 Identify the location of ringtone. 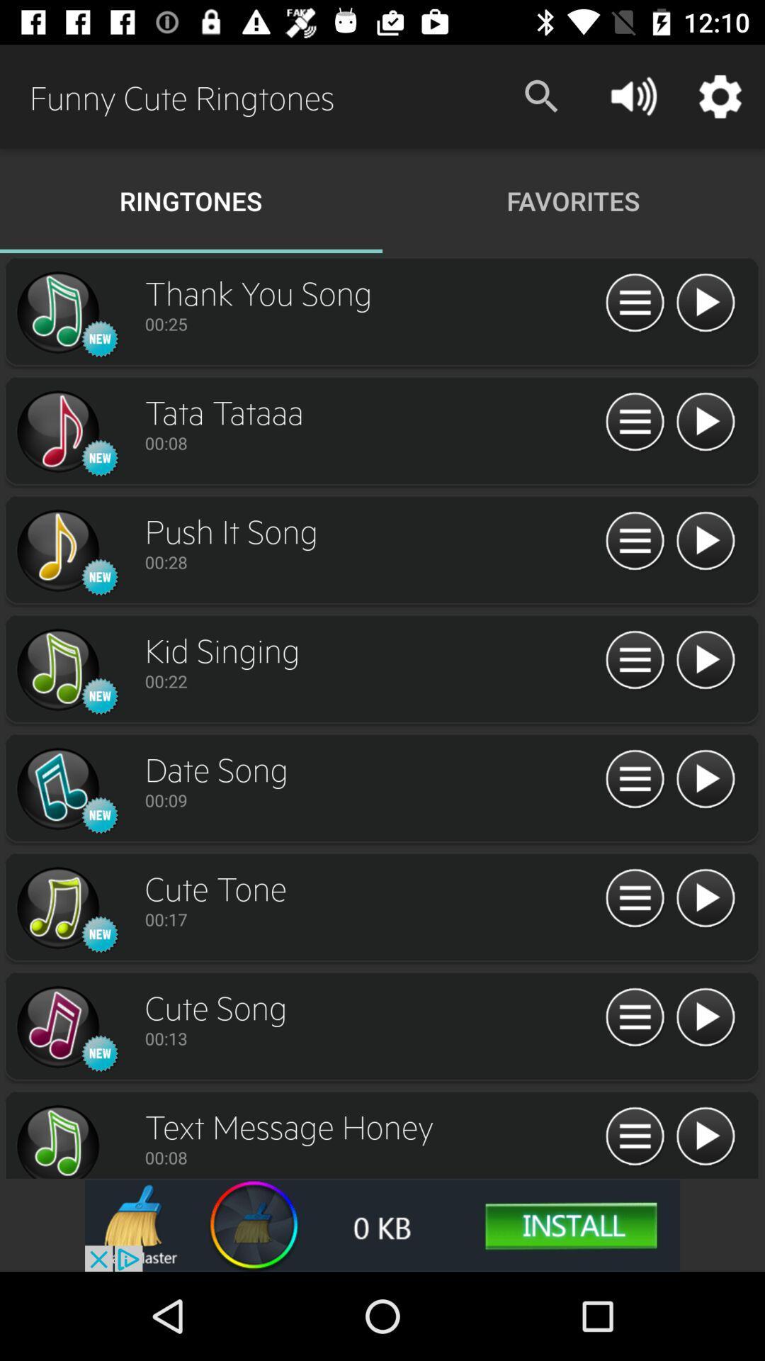
(57, 669).